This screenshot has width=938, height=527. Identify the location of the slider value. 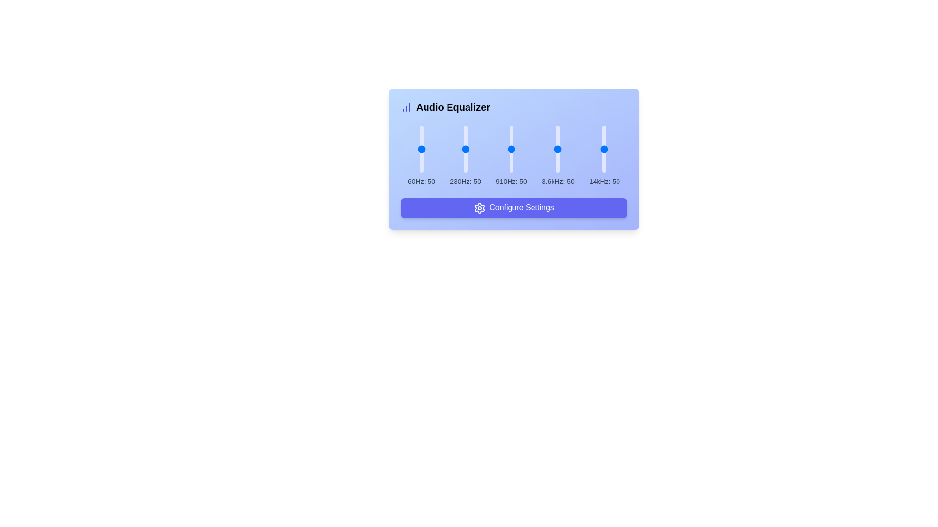
(604, 153).